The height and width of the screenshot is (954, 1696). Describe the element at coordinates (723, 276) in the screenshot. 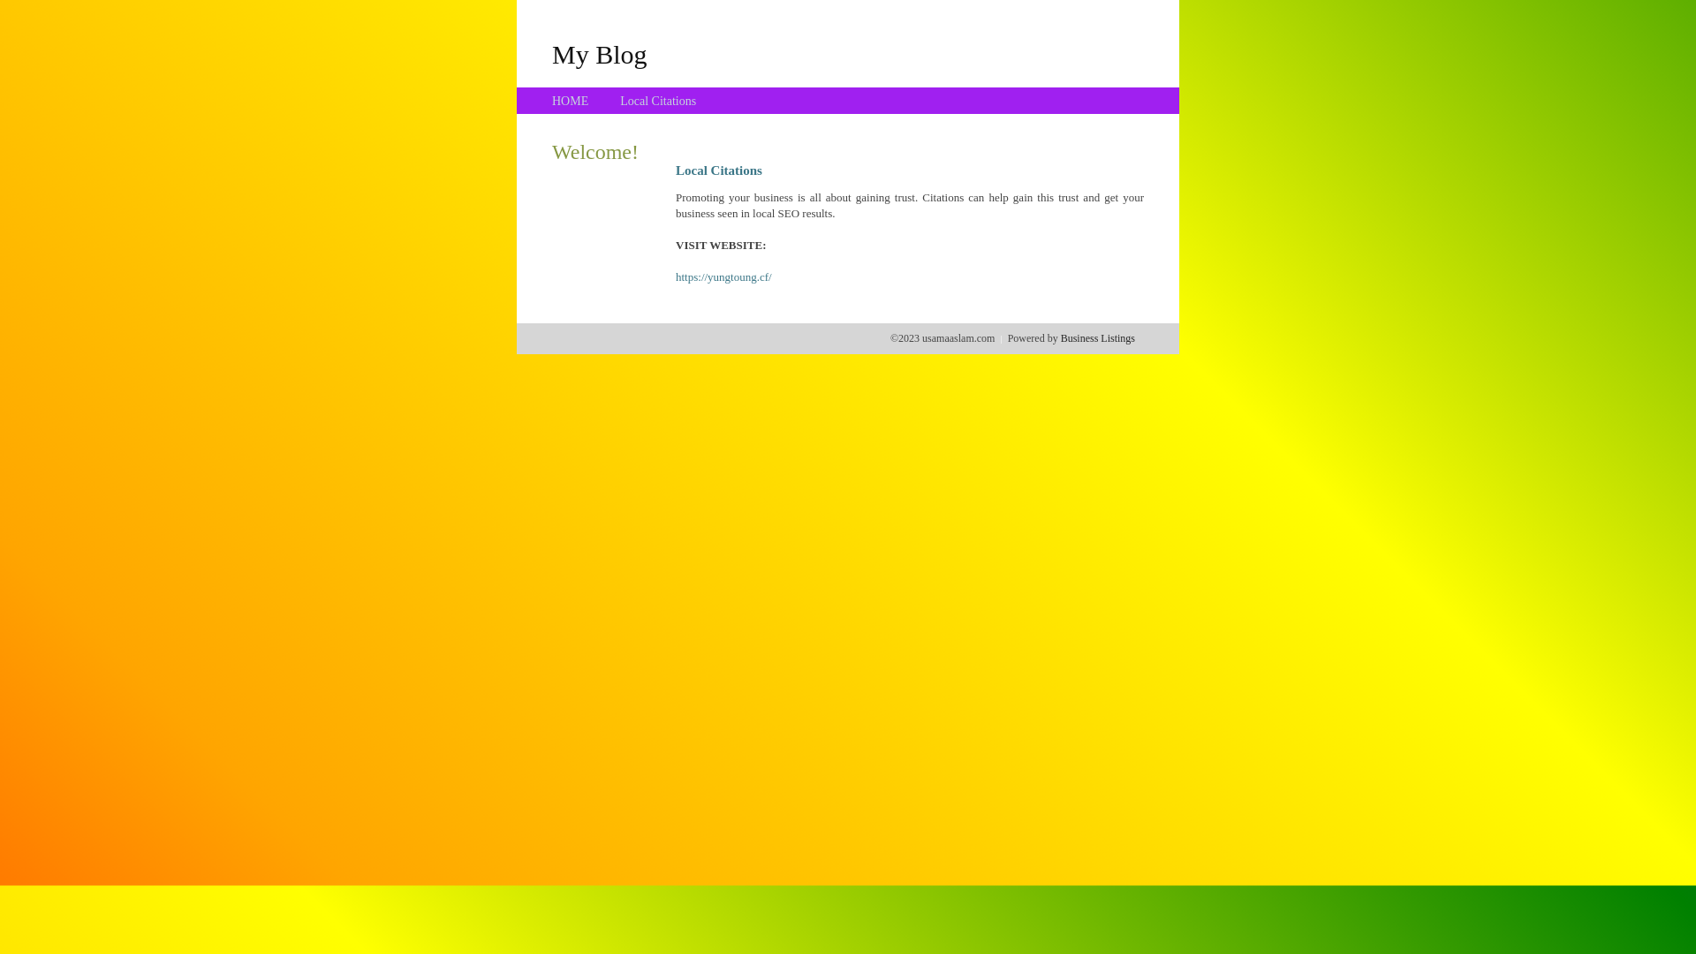

I see `'https://yungtoung.cf/'` at that location.